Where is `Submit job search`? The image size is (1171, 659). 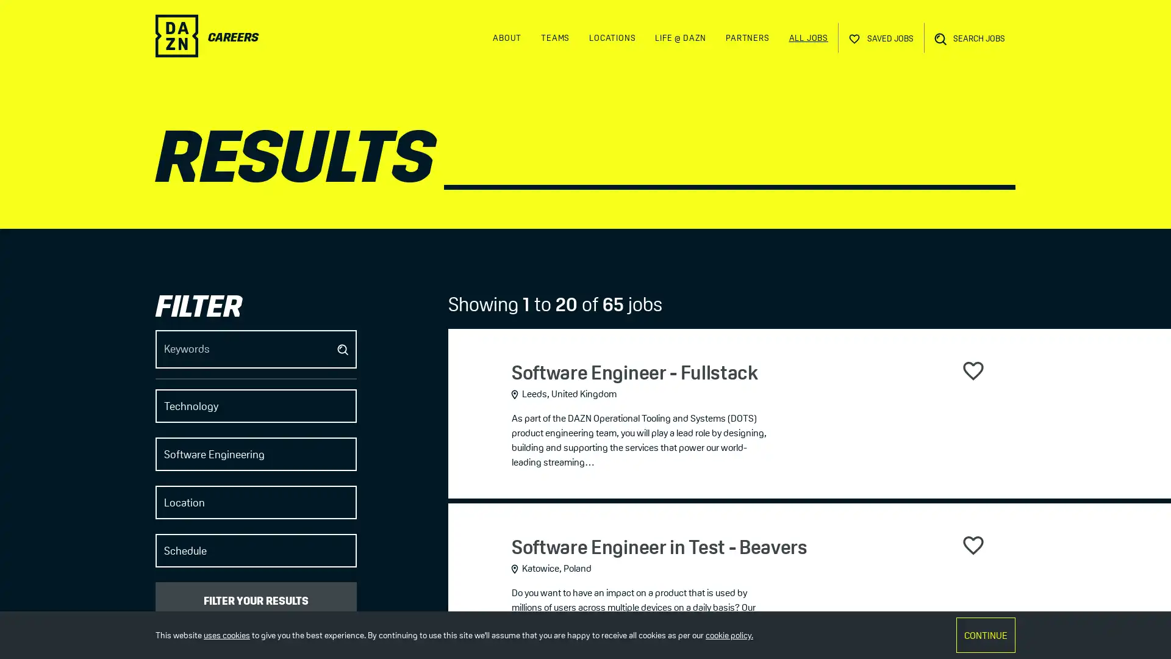
Submit job search is located at coordinates (342, 349).